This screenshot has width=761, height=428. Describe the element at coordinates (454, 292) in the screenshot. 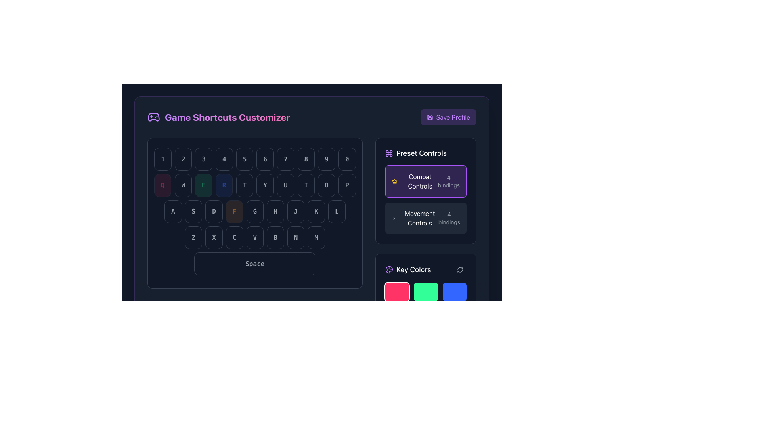

I see `the vibrant blue button with rounded corners located in the bottom-right corner of the 'Key Colors' grid to observe its hover effect` at that location.